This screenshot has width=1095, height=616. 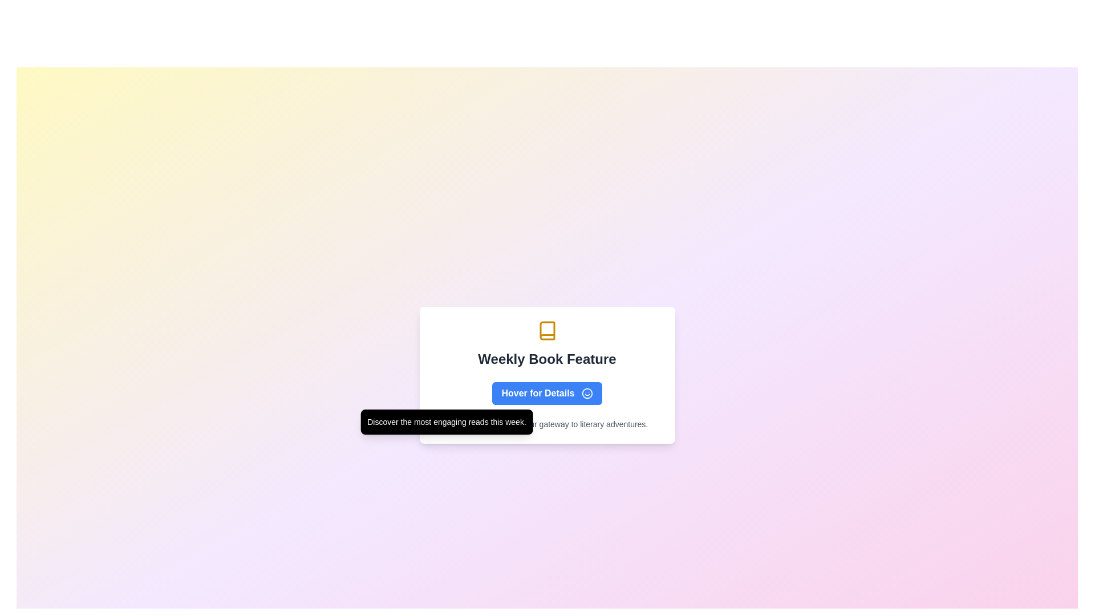 What do you see at coordinates (546, 393) in the screenshot?
I see `the blue rectangular button labeled 'Hover for Details' with a smiley face icon` at bounding box center [546, 393].